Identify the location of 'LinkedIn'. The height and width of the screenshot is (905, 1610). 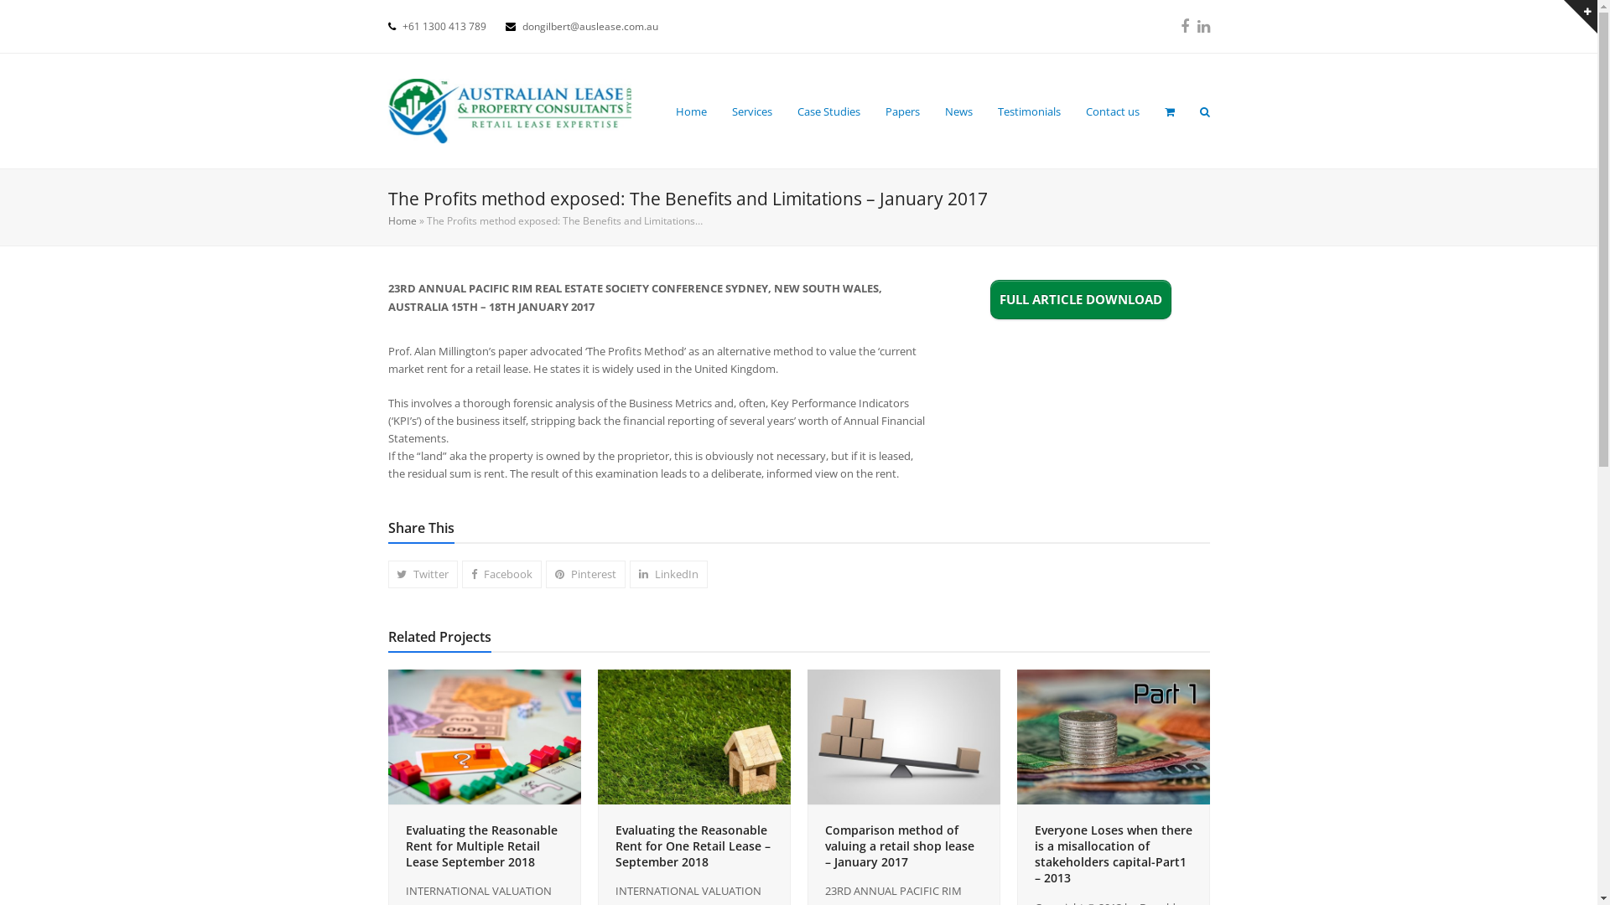
(667, 573).